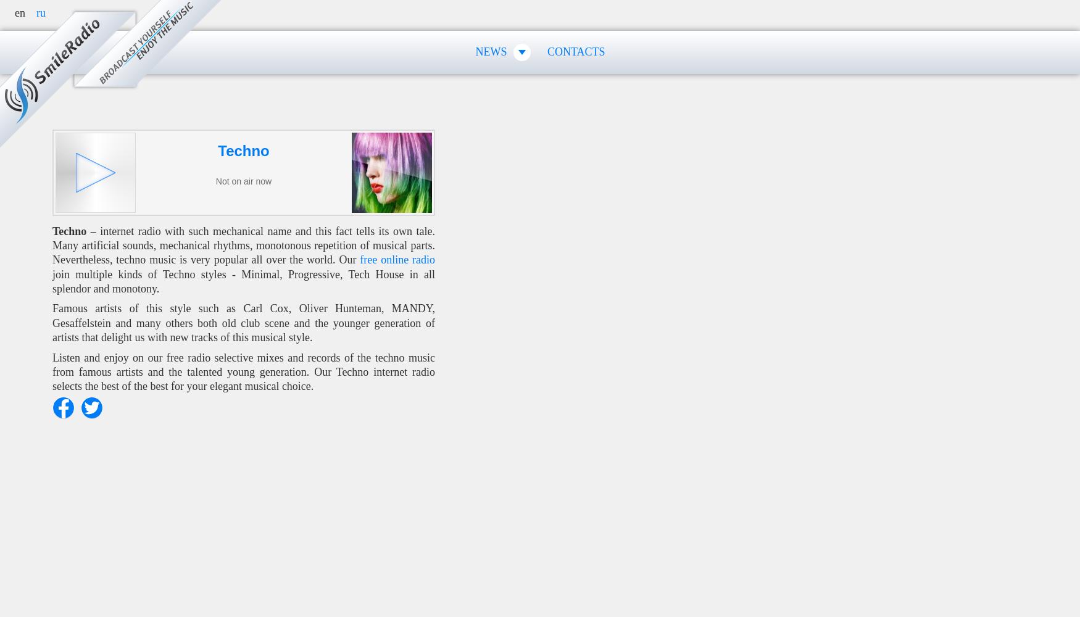 The width and height of the screenshot is (1080, 617). What do you see at coordinates (575, 51) in the screenshot?
I see `'Contacts'` at bounding box center [575, 51].